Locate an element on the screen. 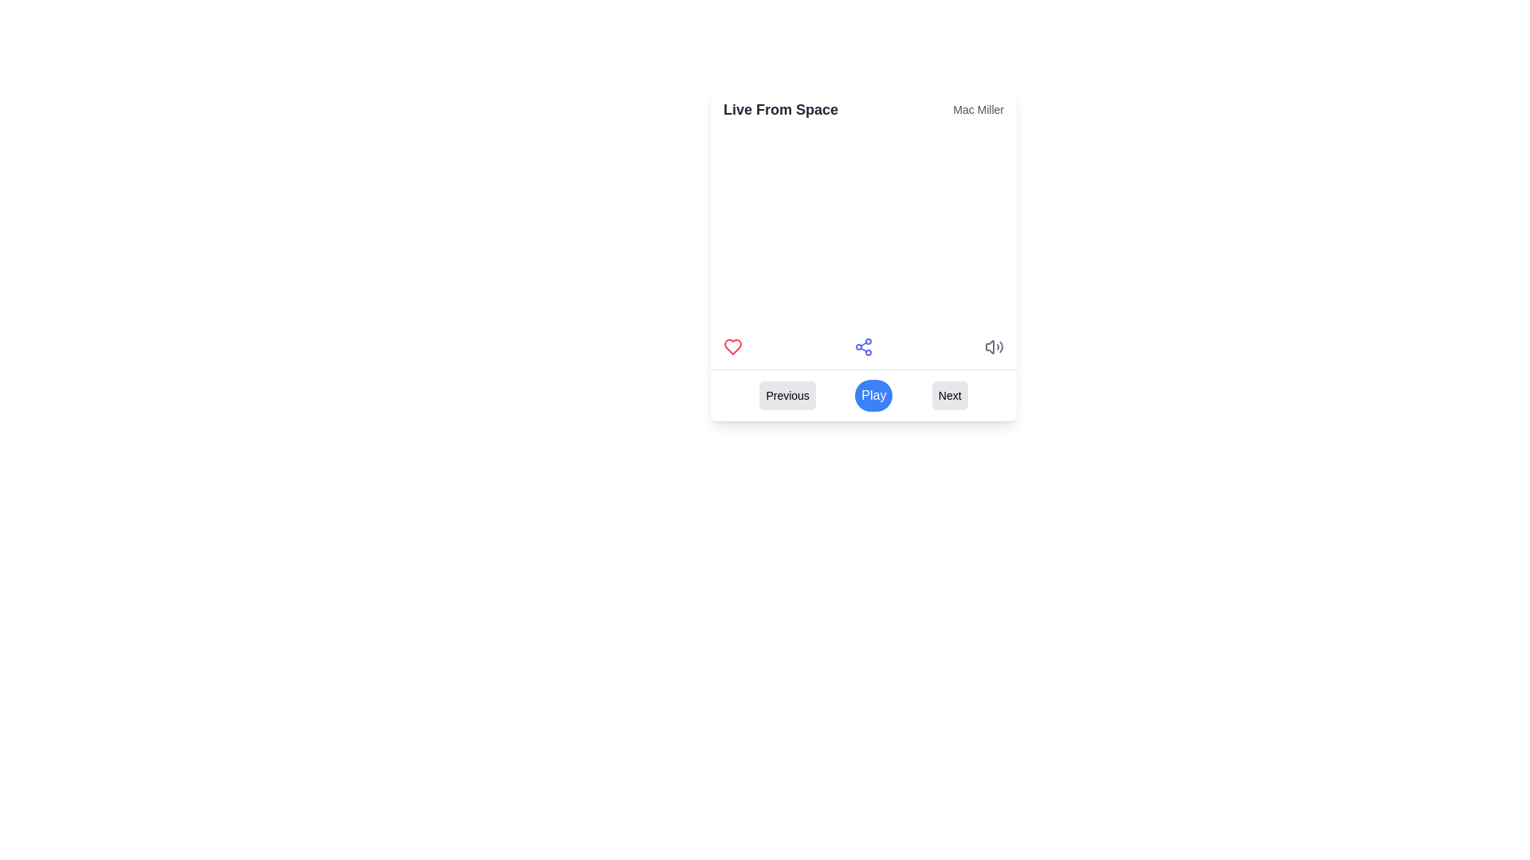 The image size is (1530, 860). the play control button located in the middle of the horizontal button group at the bottom of the interface is located at coordinates (873, 395).